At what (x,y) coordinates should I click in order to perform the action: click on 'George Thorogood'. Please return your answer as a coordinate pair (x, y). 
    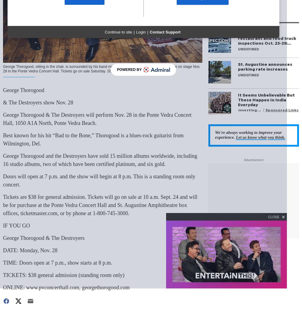
    Looking at the image, I should click on (23, 90).